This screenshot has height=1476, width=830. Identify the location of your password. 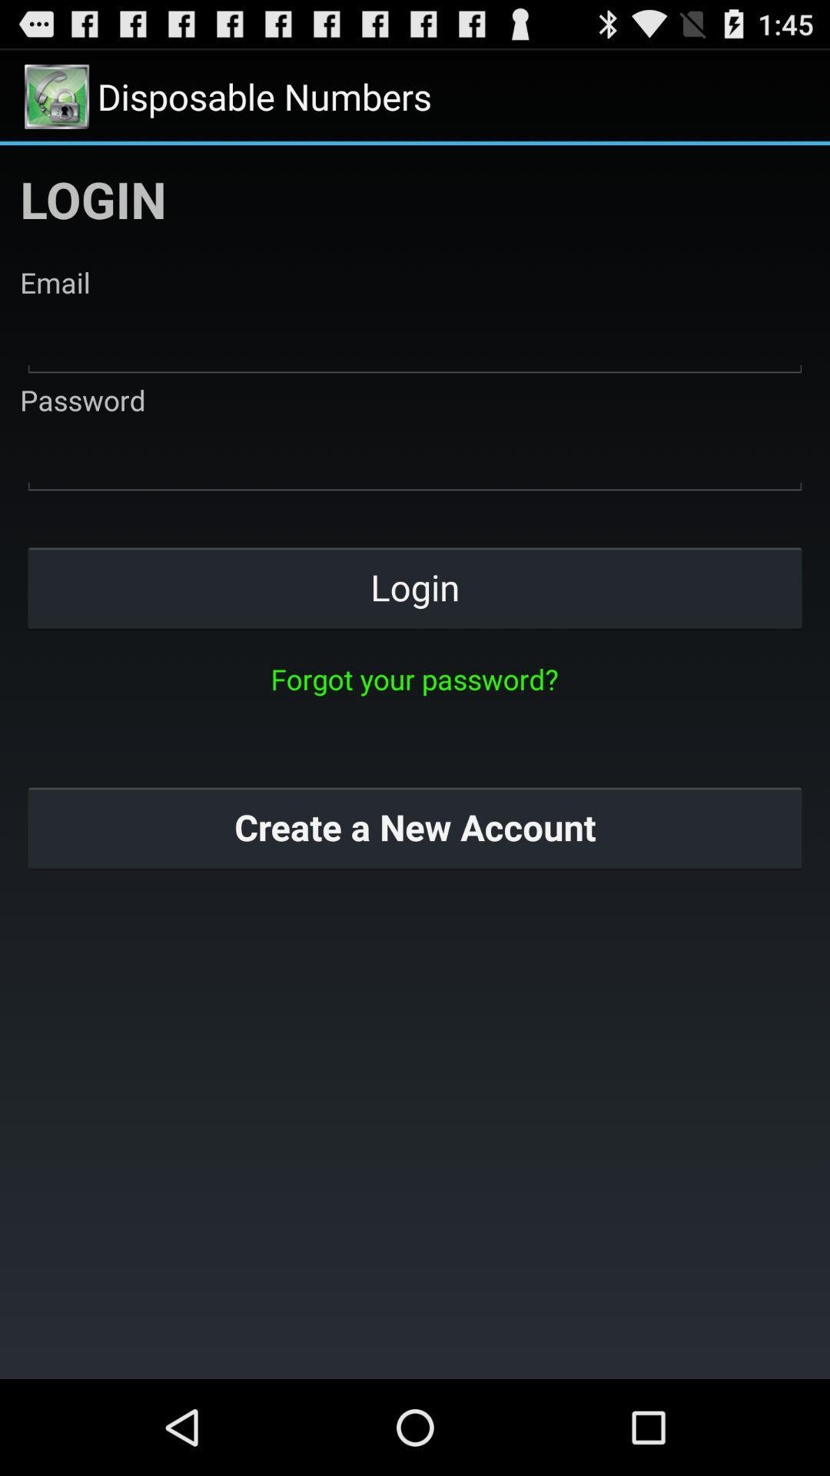
(415, 457).